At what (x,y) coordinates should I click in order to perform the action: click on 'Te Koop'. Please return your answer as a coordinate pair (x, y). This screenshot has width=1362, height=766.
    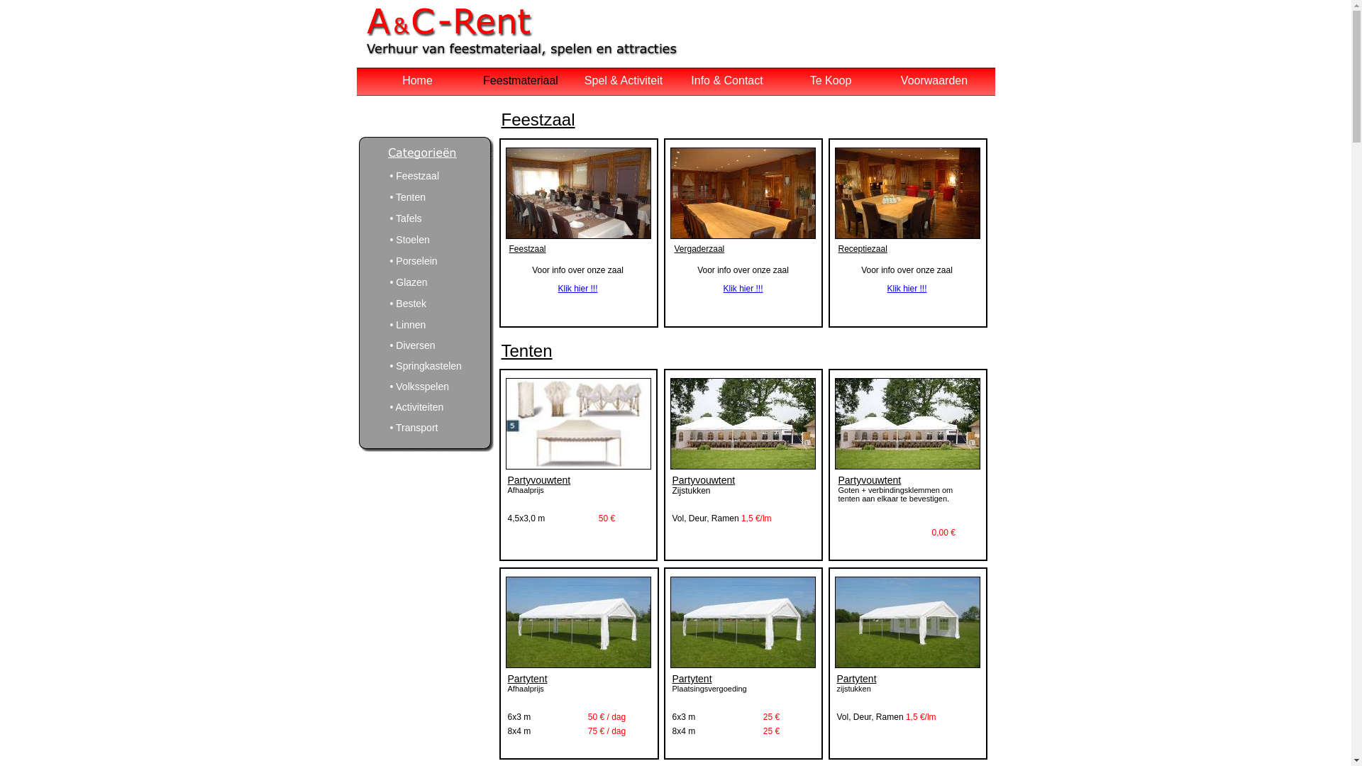
    Looking at the image, I should click on (810, 80).